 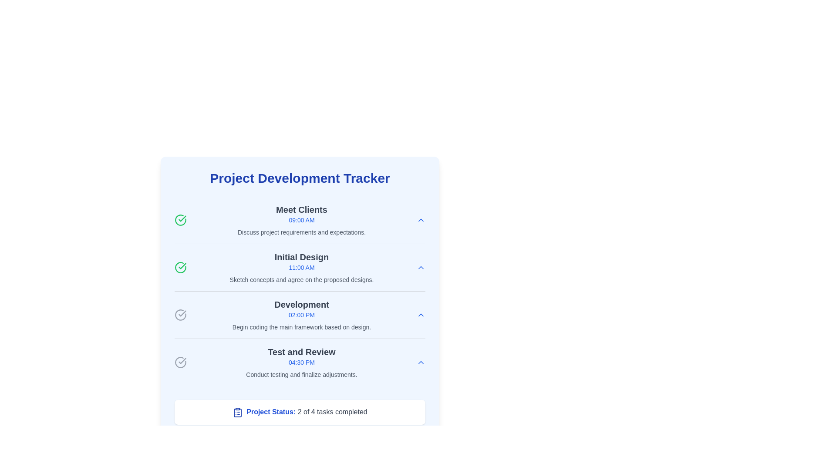 I want to click on the Status Icon (Checkmark), so click(x=180, y=363).